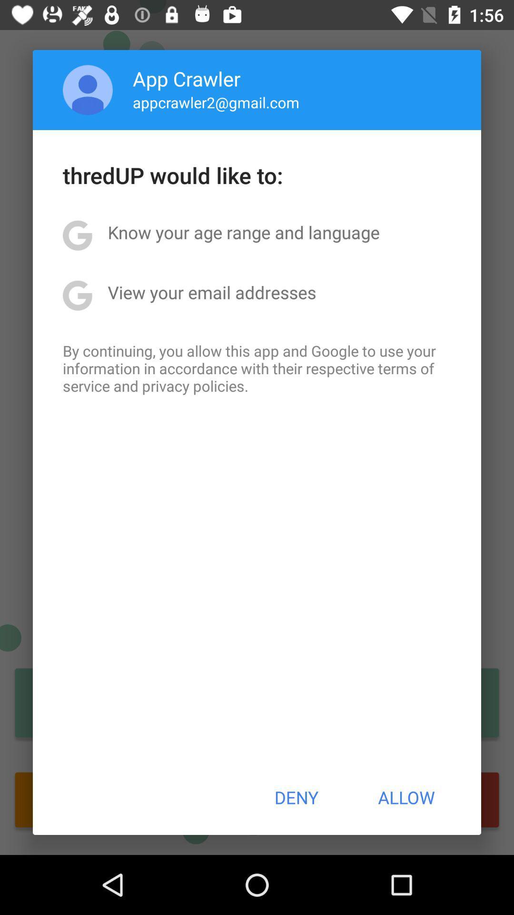 This screenshot has width=514, height=915. What do you see at coordinates (187, 78) in the screenshot?
I see `app crawler item` at bounding box center [187, 78].